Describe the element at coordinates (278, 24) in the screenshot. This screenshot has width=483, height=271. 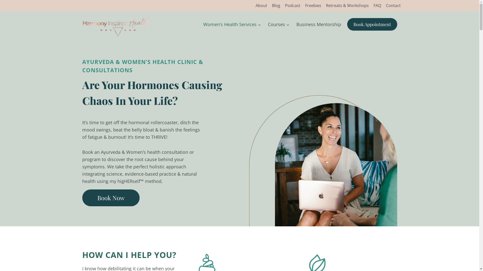
I see `'Courses'` at that location.